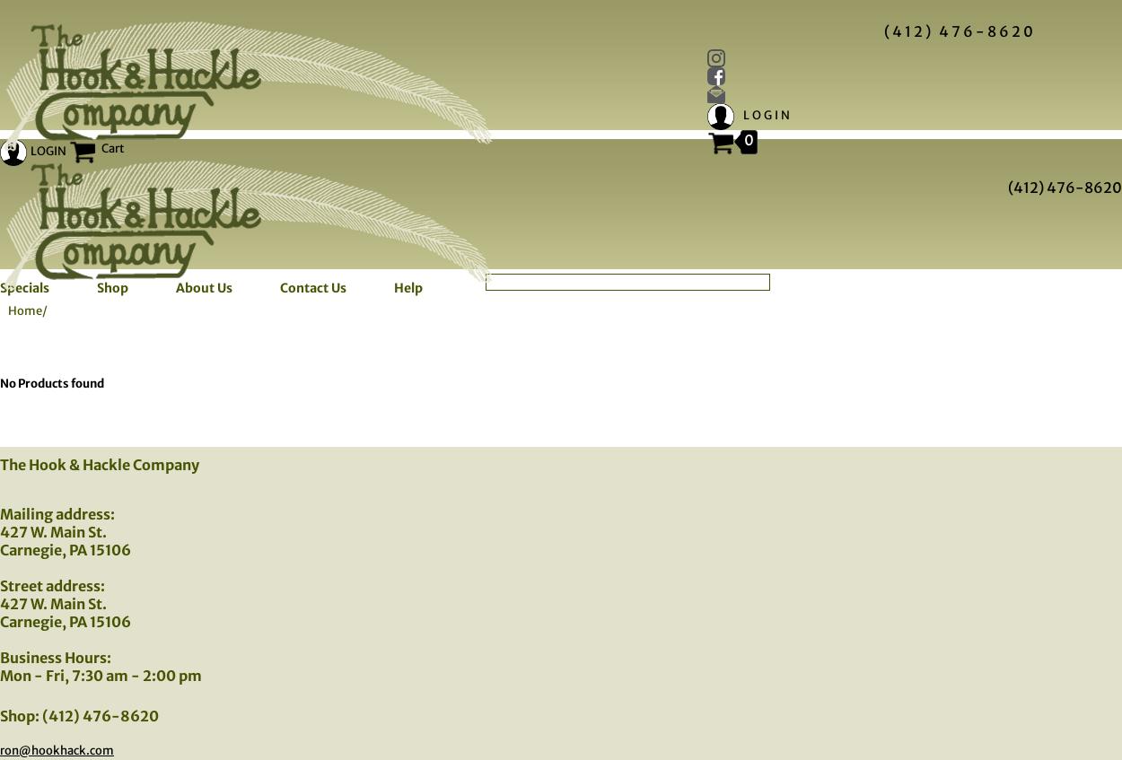  What do you see at coordinates (42, 310) in the screenshot?
I see `'/'` at bounding box center [42, 310].